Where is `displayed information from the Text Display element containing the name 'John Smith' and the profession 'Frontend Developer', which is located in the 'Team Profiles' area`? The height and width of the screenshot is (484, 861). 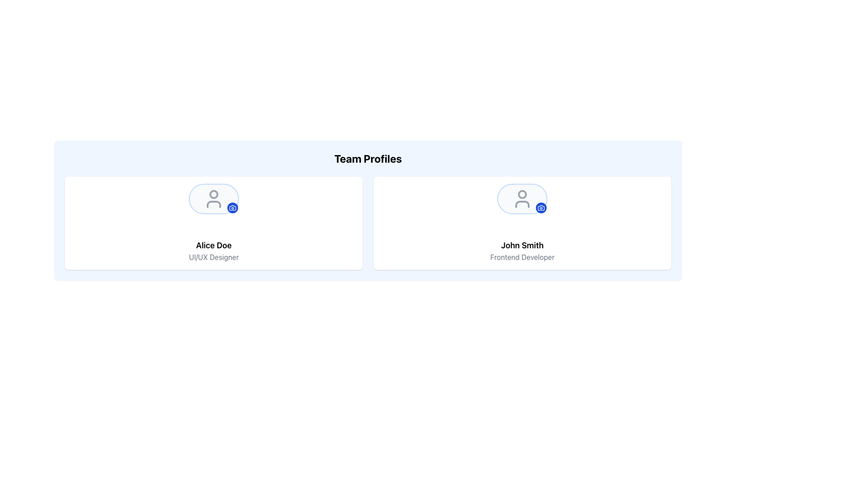 displayed information from the Text Display element containing the name 'John Smith' and the profession 'Frontend Developer', which is located in the 'Team Profiles' area is located at coordinates (522, 251).